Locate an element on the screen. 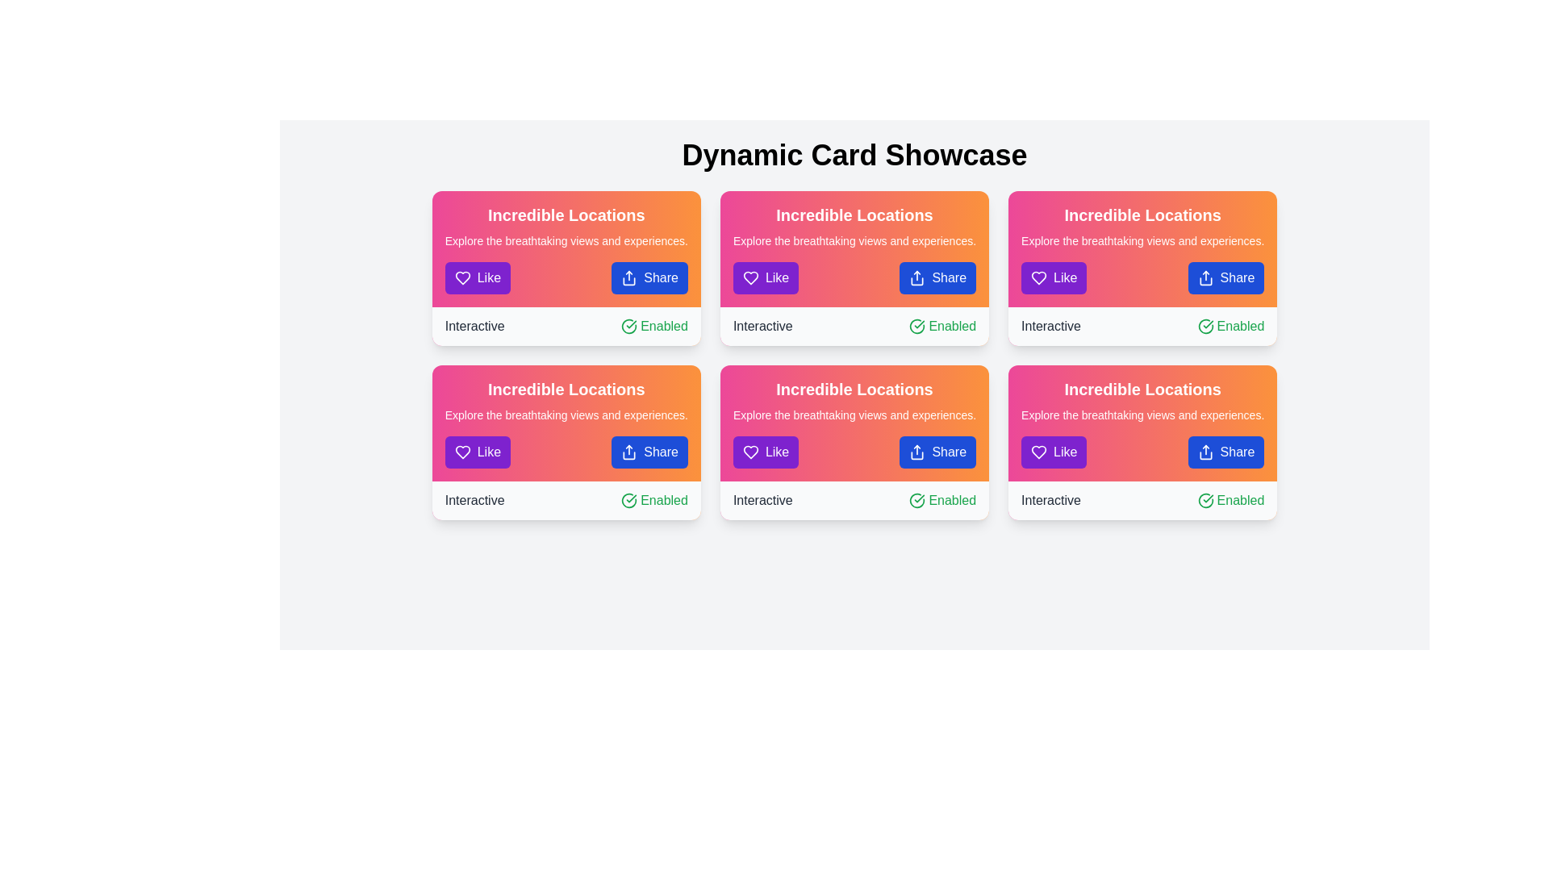 The image size is (1549, 871). the prominent title text element that serves as the headline for the dynamic card showcase, located at the top of the application layout is located at coordinates (854, 155).